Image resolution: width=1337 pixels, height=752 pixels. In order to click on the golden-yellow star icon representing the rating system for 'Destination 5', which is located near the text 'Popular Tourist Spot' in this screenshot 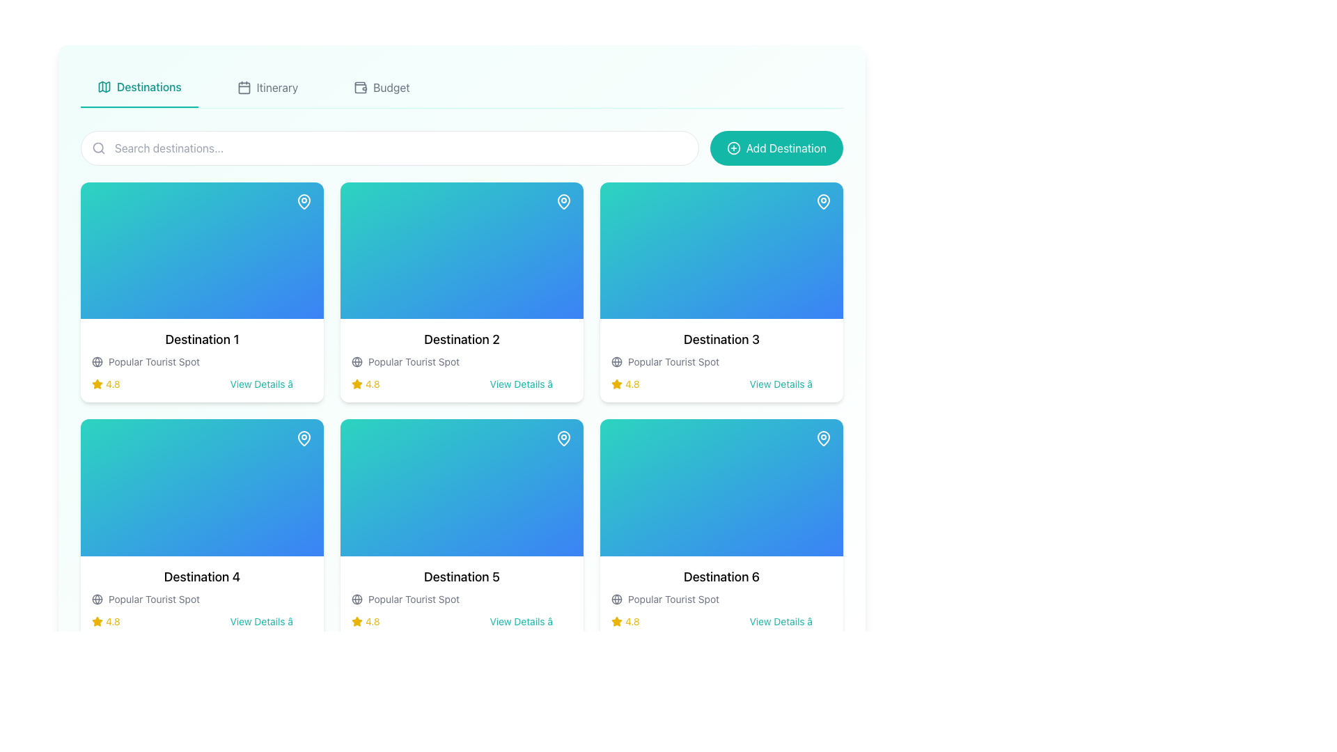, I will do `click(357, 620)`.